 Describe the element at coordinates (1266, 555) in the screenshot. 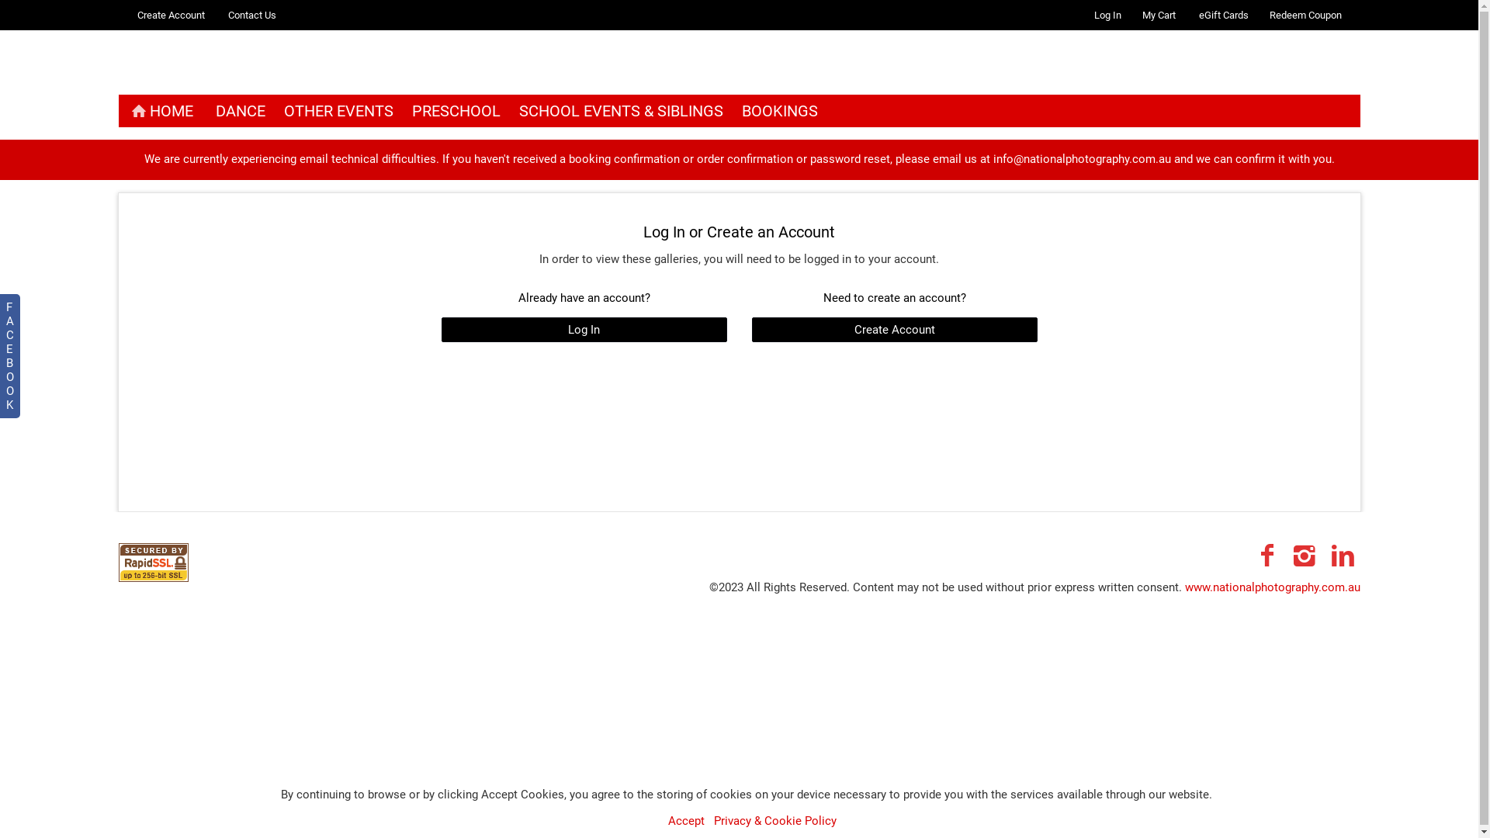

I see `'Facebook'` at that location.